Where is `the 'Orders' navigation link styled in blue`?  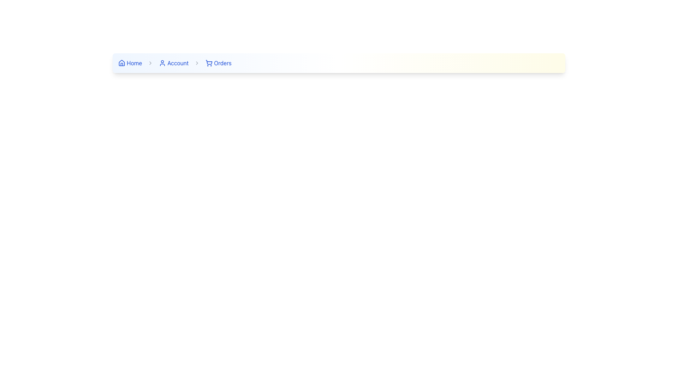
the 'Orders' navigation link styled in blue is located at coordinates (222, 62).